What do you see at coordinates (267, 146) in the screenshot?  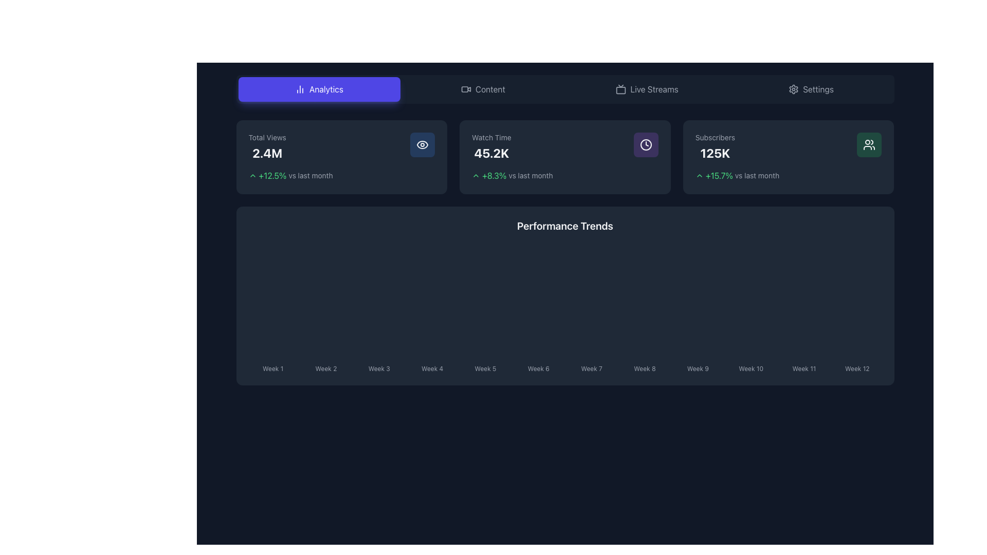 I see `the Text display element that shows 'Total Views' with the value '2.4M', located in the upper-left corner of a dark card containing analytics metrics` at bounding box center [267, 146].